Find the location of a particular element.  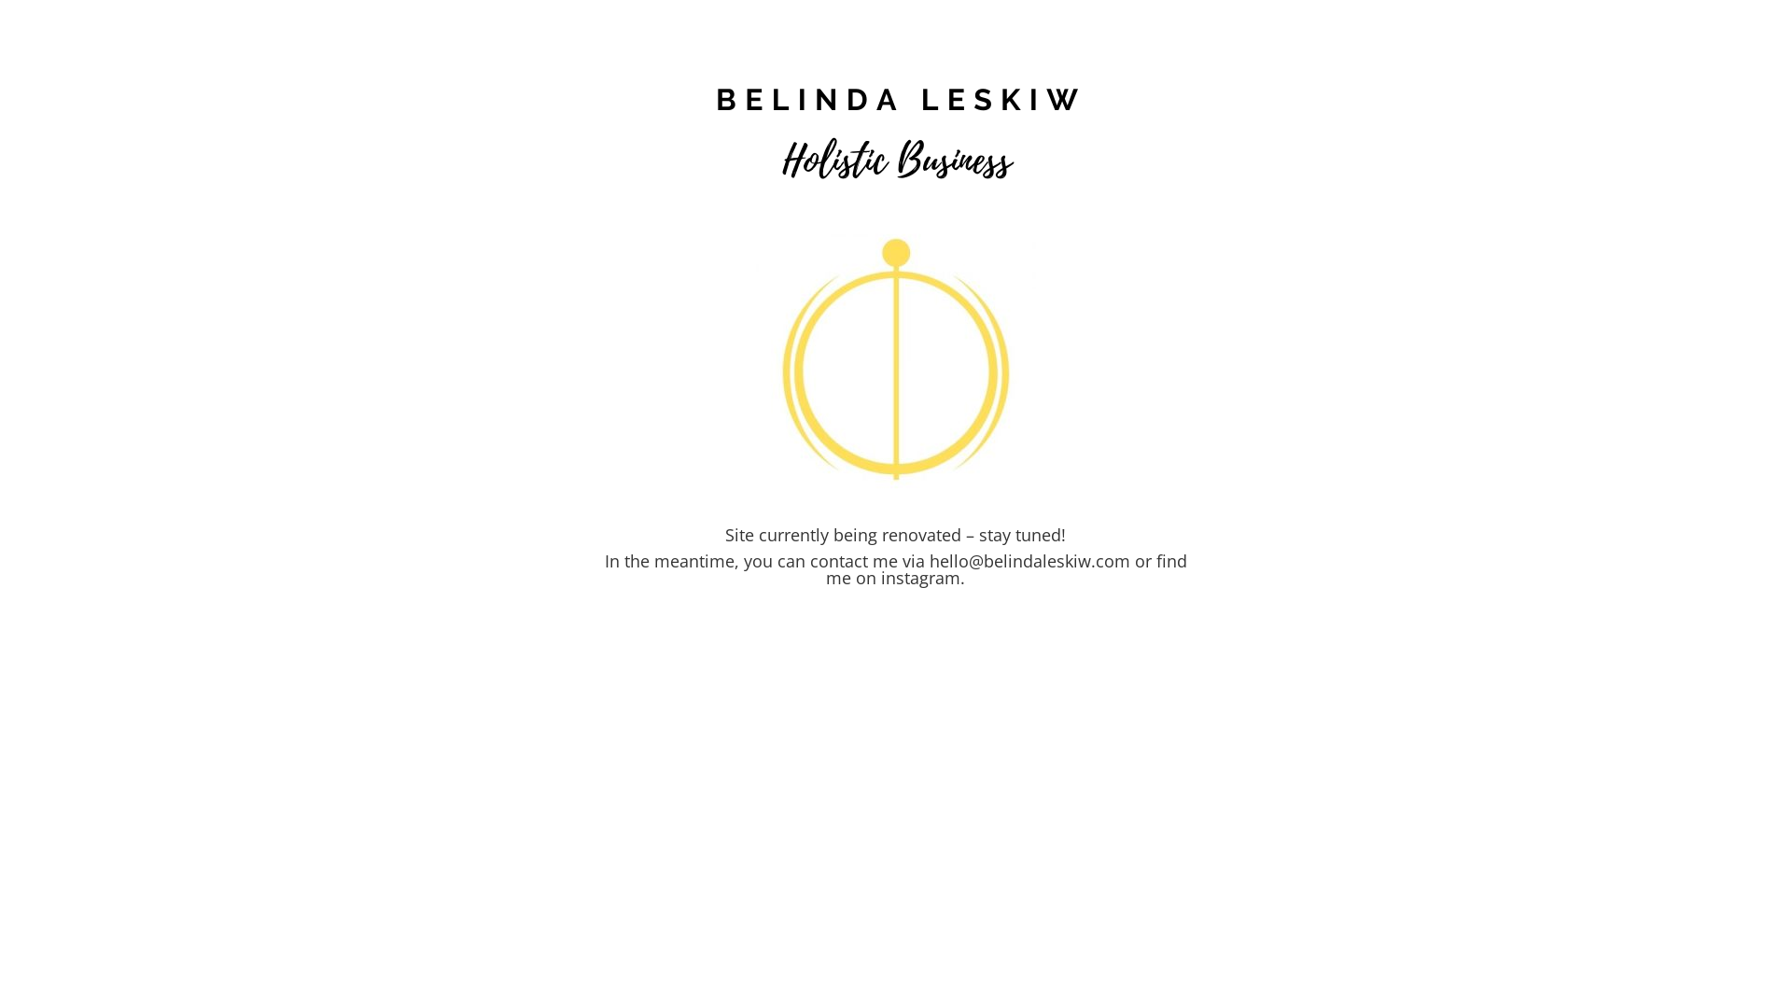

'YouAreTheLinchpin_graphic' is located at coordinates (896, 359).